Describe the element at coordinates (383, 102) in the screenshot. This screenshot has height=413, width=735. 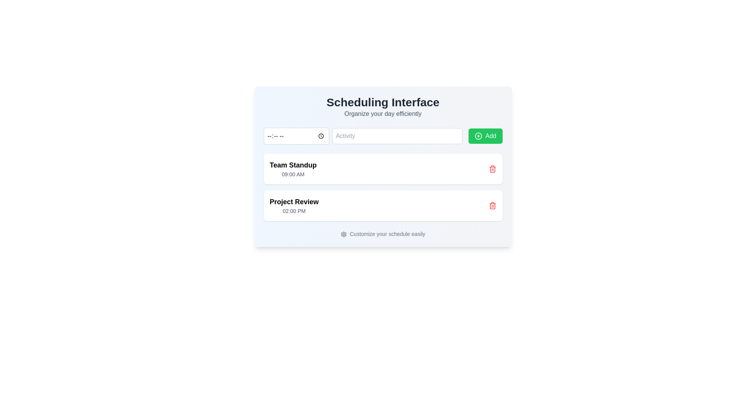
I see `main title heading located at the top center of the interface, which is positioned above the subtitle 'Organize your day efficiently'` at that location.